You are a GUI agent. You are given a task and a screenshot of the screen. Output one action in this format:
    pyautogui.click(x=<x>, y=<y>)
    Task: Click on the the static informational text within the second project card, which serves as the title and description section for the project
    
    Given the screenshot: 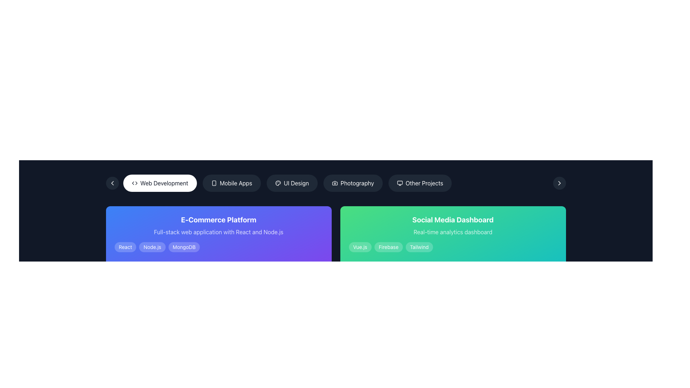 What is the action you would take?
    pyautogui.click(x=452, y=234)
    